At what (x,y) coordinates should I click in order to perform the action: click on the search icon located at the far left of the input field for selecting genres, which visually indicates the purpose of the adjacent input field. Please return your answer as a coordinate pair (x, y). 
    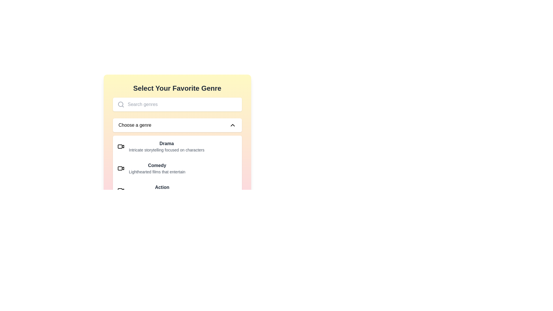
    Looking at the image, I should click on (120, 104).